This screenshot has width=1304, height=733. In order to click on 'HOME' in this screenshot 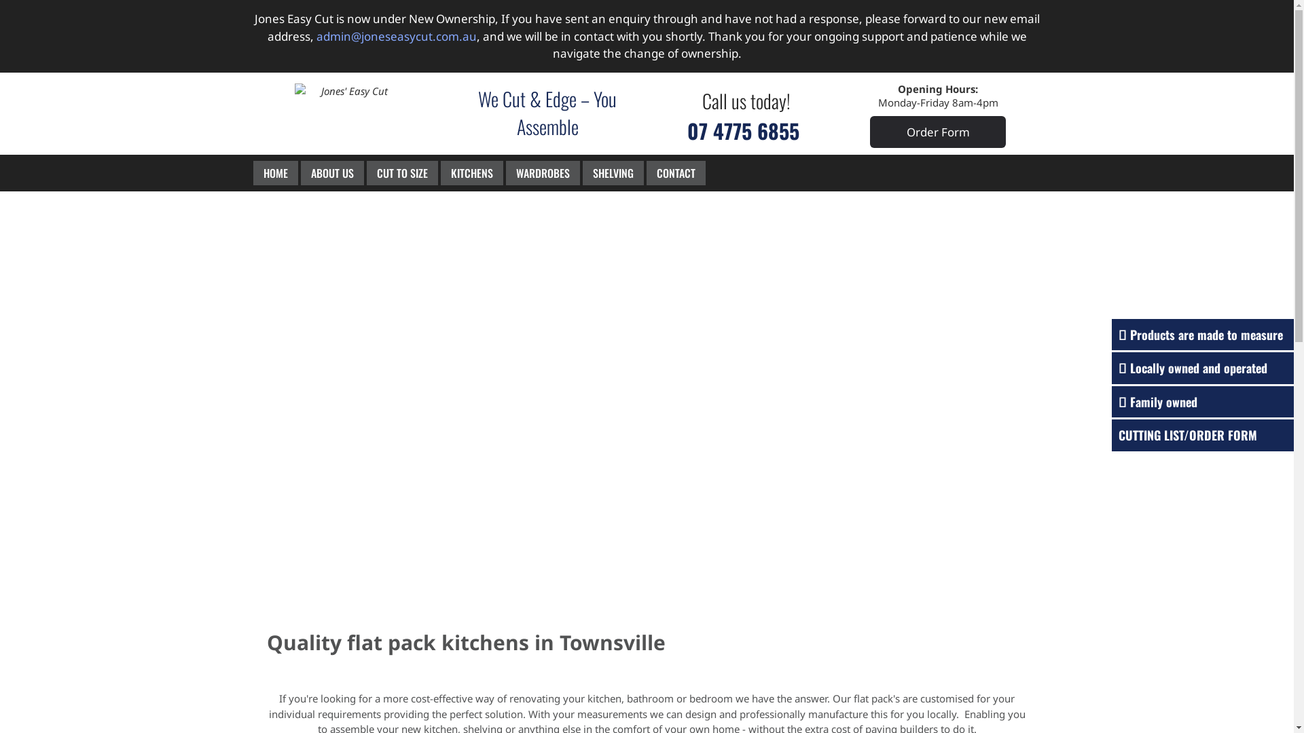, I will do `click(275, 172)`.